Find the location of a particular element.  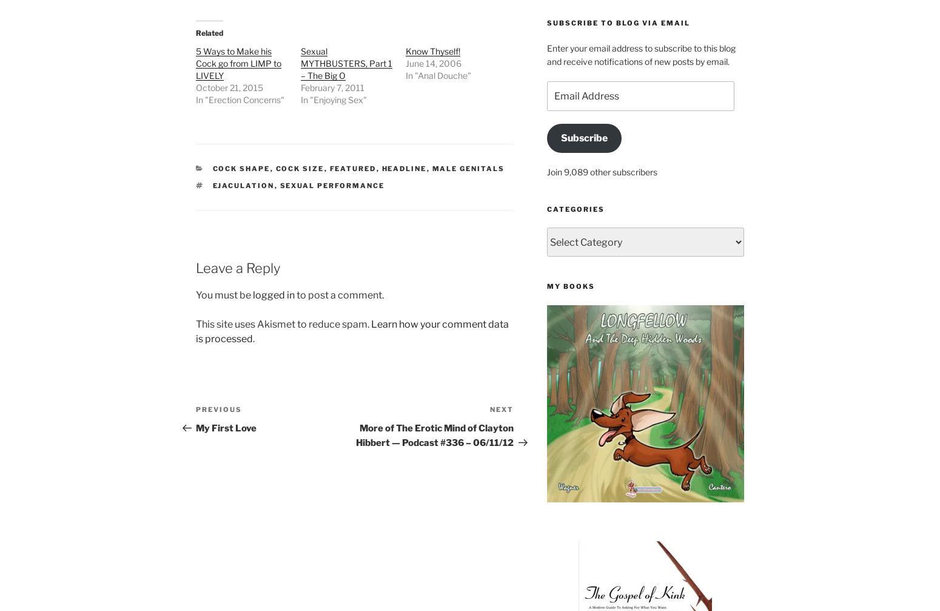

'.' is located at coordinates (253, 337).